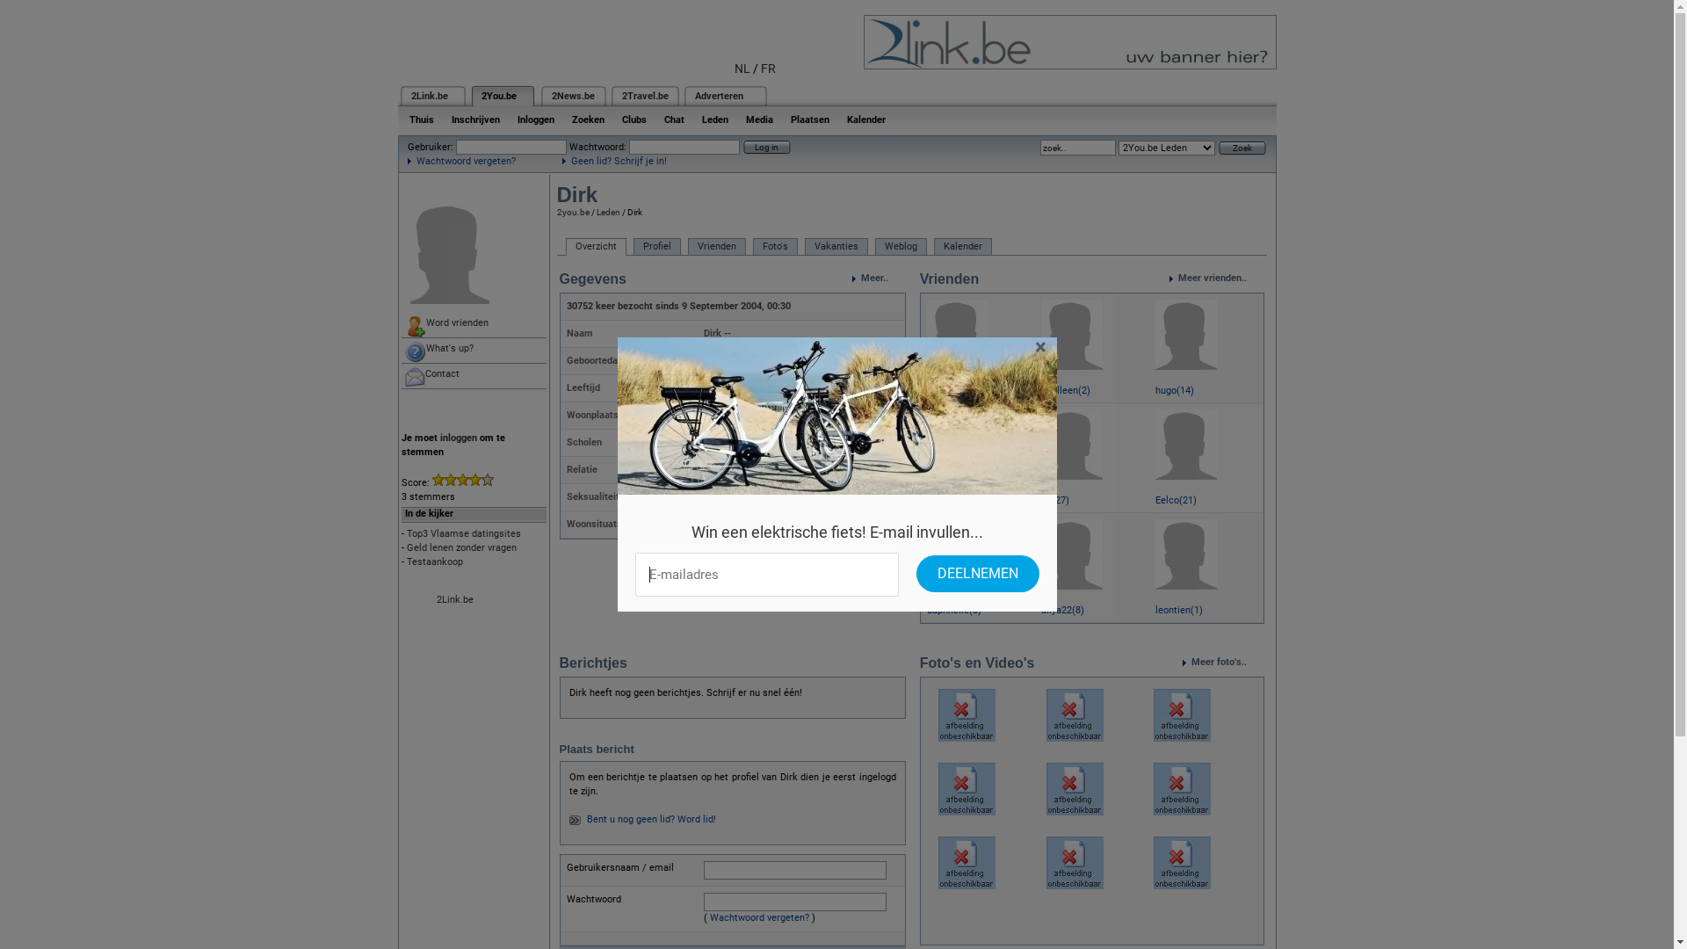 The height and width of the screenshot is (949, 1687). What do you see at coordinates (757, 441) in the screenshot?
I see `'Bokrijk St-Jozefinstituut'` at bounding box center [757, 441].